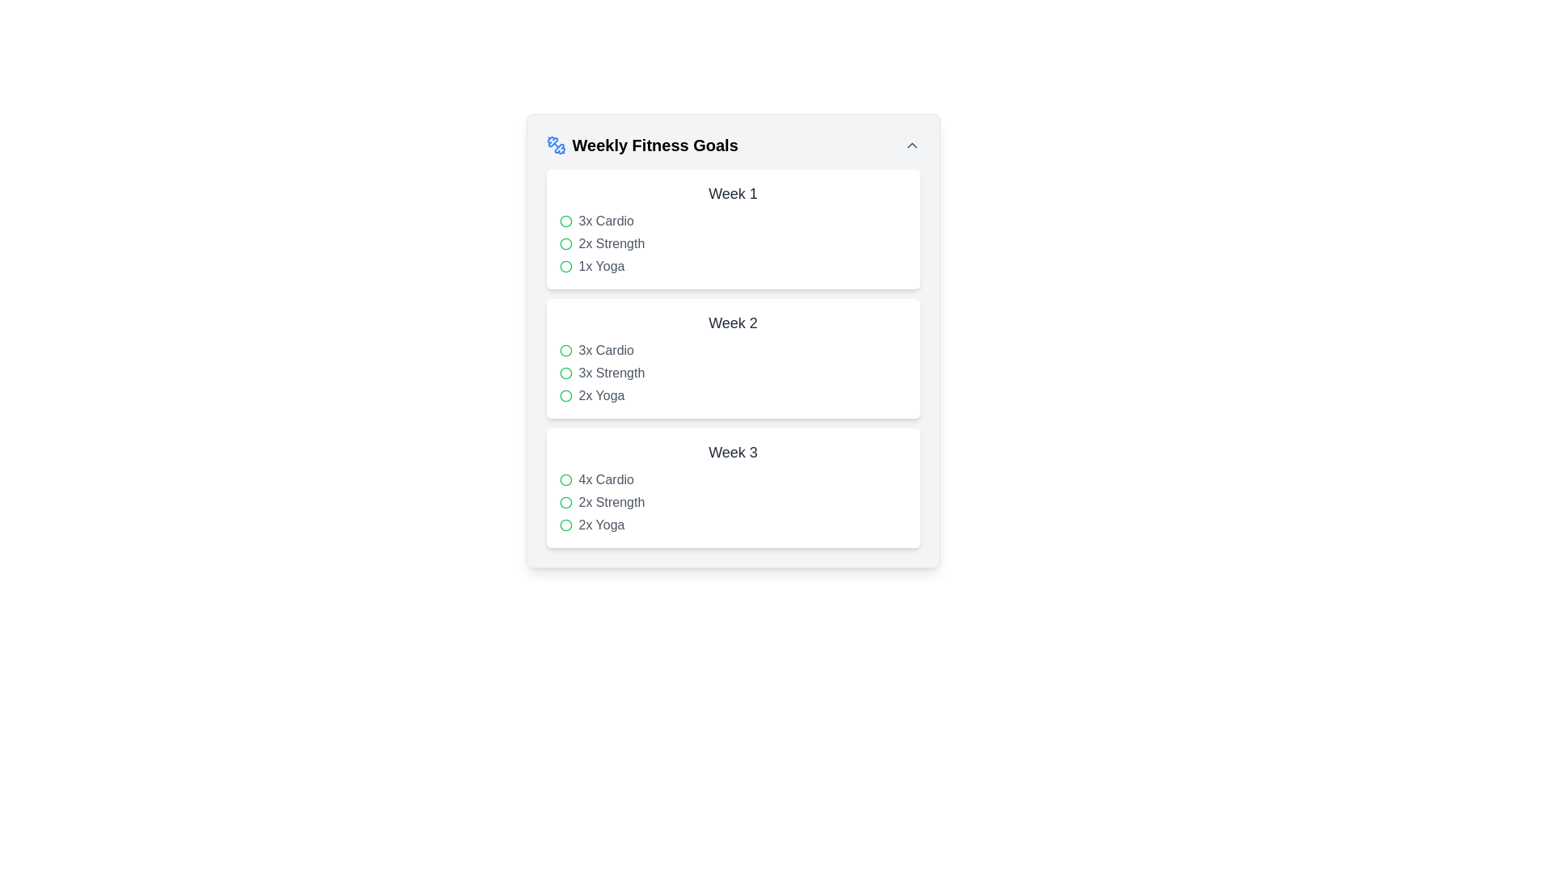 The width and height of the screenshot is (1553, 873). What do you see at coordinates (732, 145) in the screenshot?
I see `the section title 'Weekly Fitness Goals' which is located at the top of the card-like component, featuring a blue dumbbell icon on the left and a small upward arrow on the right` at bounding box center [732, 145].